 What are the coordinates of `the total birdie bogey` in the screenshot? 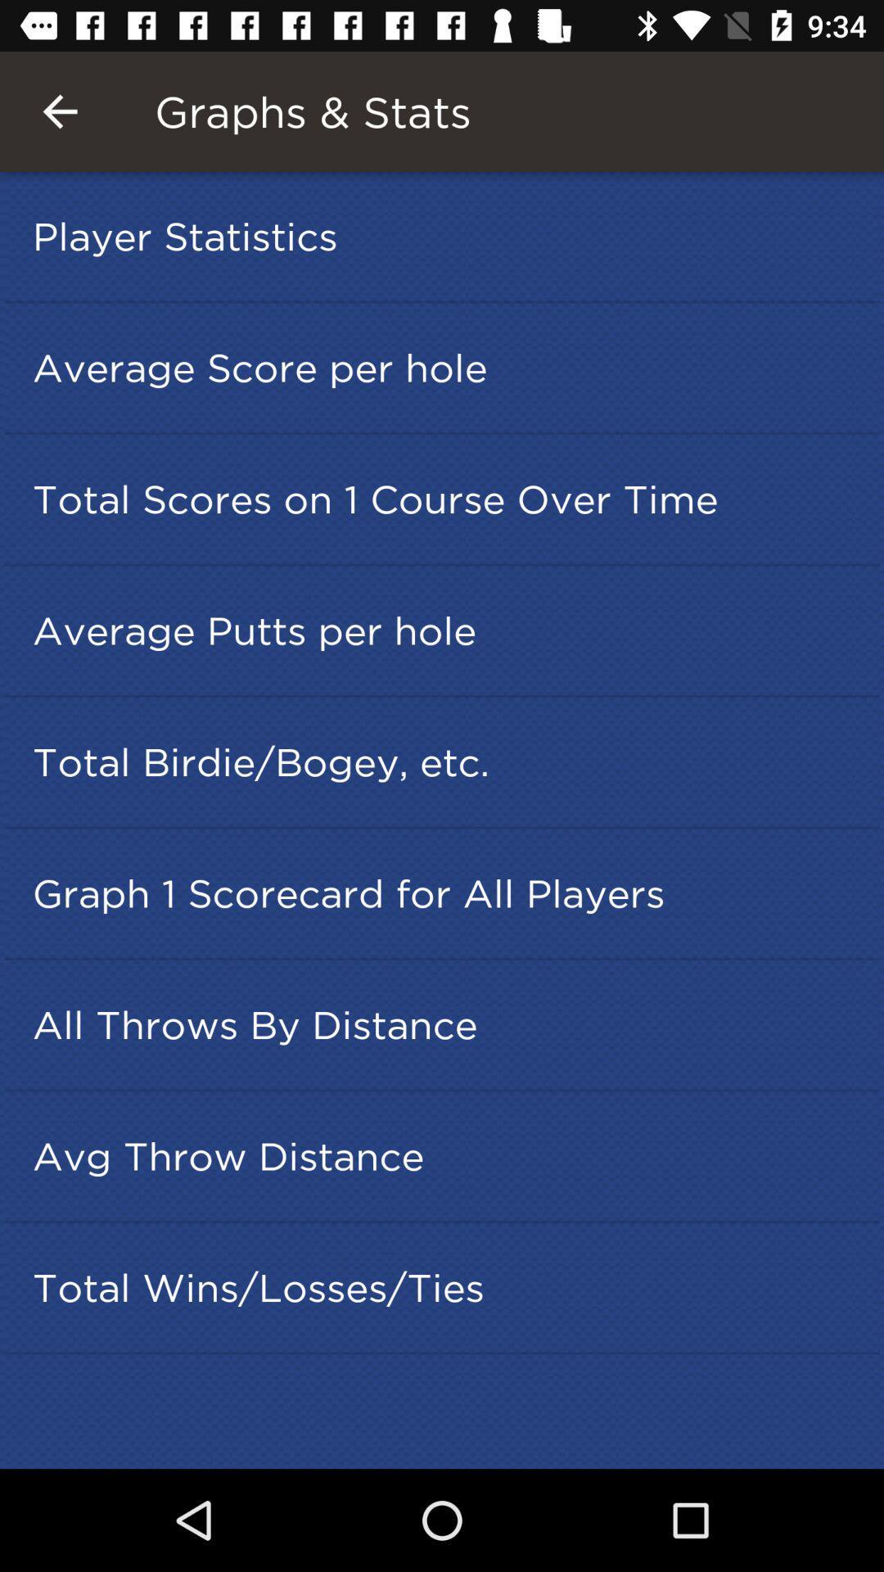 It's located at (447, 761).